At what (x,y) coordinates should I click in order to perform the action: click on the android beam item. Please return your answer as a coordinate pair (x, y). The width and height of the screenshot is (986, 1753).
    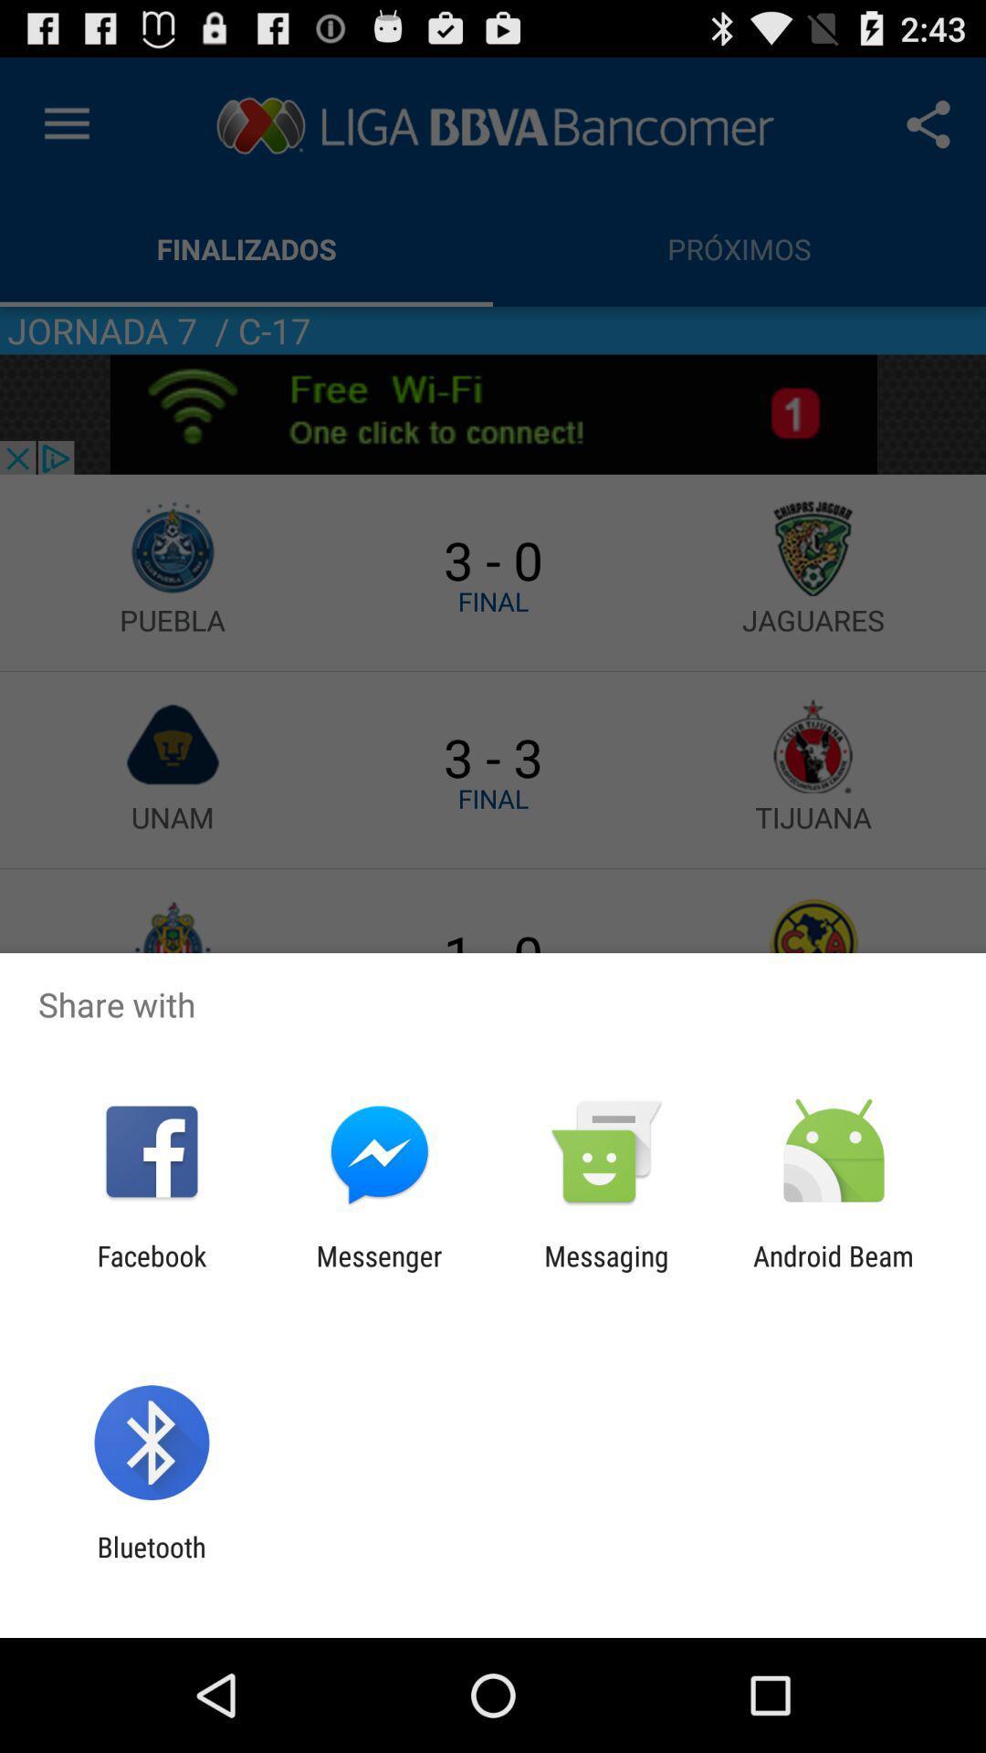
    Looking at the image, I should click on (834, 1271).